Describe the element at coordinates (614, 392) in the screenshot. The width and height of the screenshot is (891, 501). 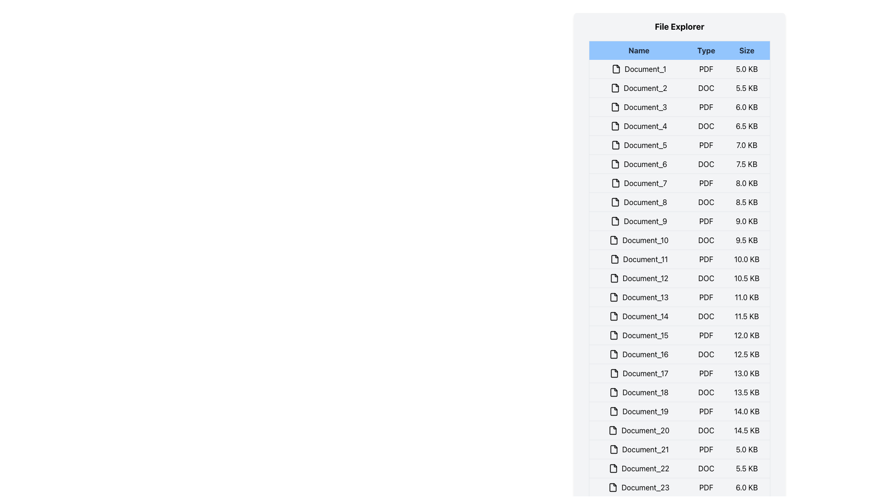
I see `the graphical file icon element associated with 'Document_18' in the file explorer interface` at that location.